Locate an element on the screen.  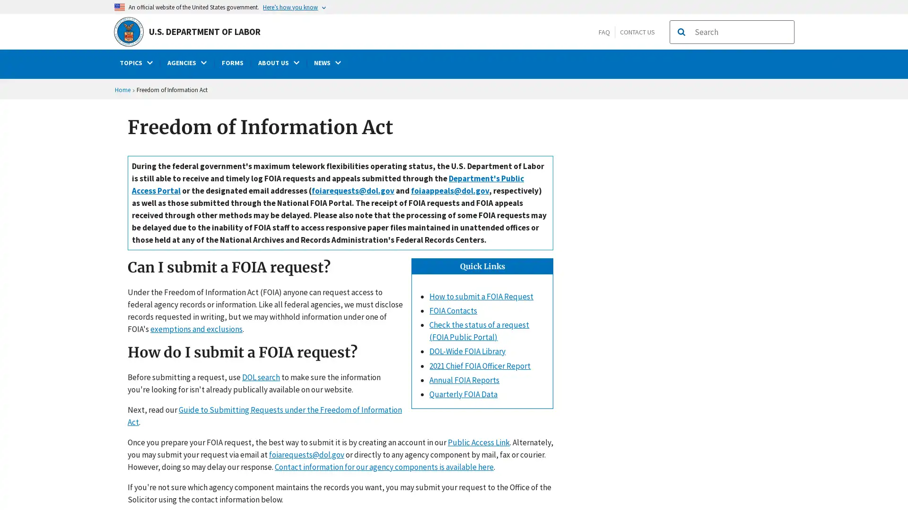
Search is located at coordinates (681, 32).